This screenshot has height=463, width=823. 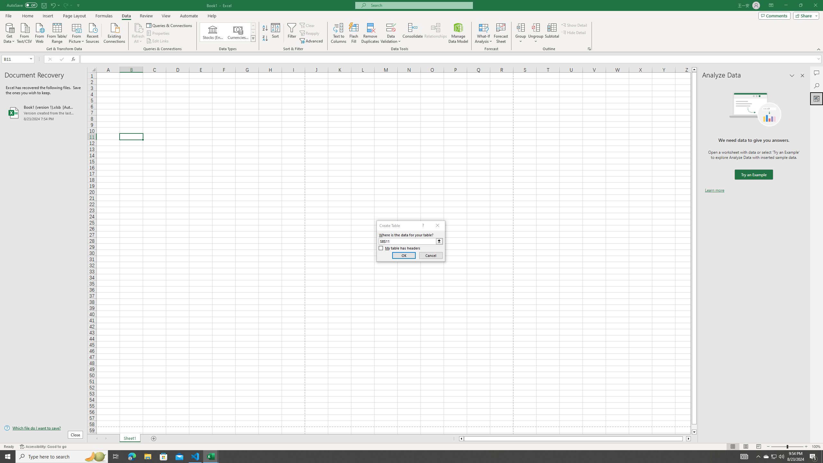 I want to click on 'Formulas', so click(x=104, y=16).